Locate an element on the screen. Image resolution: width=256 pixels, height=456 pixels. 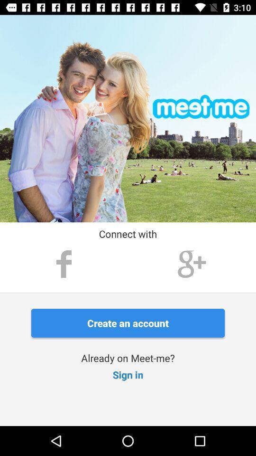
the create an account icon is located at coordinates (128, 323).